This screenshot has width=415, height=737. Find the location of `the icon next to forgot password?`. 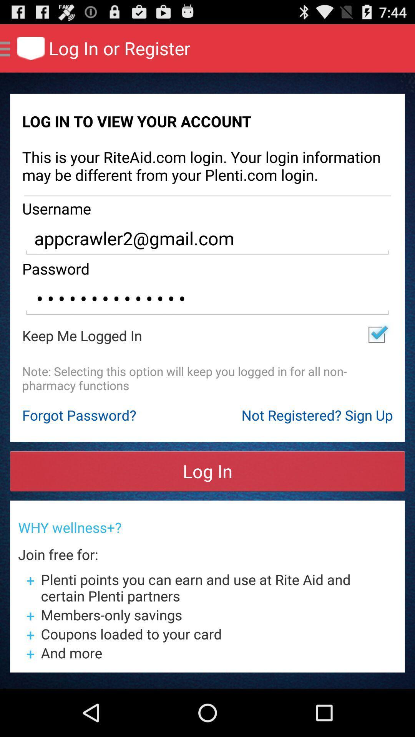

the icon next to forgot password? is located at coordinates (317, 415).